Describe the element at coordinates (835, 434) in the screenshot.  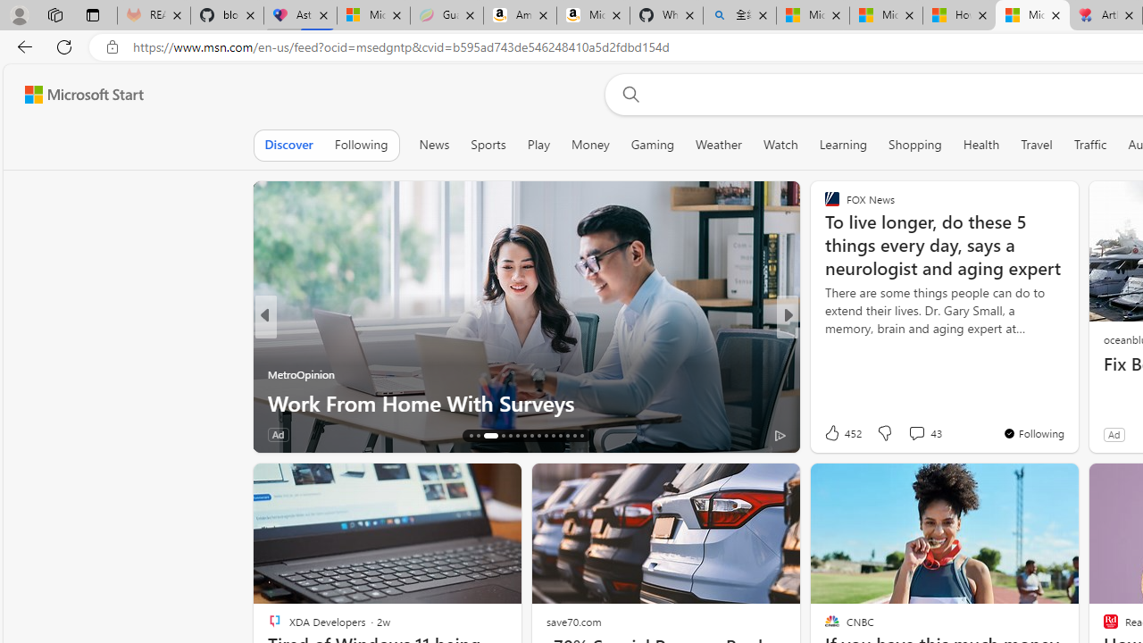
I see `'323 Like'` at that location.